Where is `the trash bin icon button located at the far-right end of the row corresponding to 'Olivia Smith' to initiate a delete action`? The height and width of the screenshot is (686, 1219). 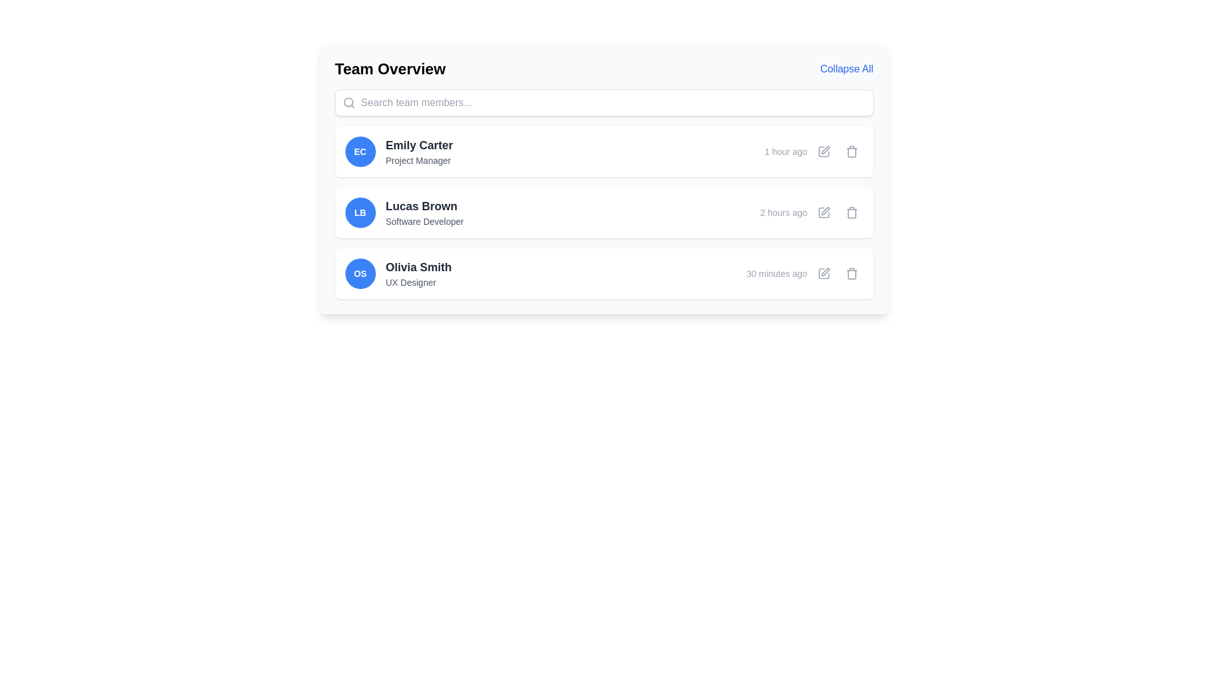 the trash bin icon button located at the far-right end of the row corresponding to 'Olivia Smith' to initiate a delete action is located at coordinates (851, 273).